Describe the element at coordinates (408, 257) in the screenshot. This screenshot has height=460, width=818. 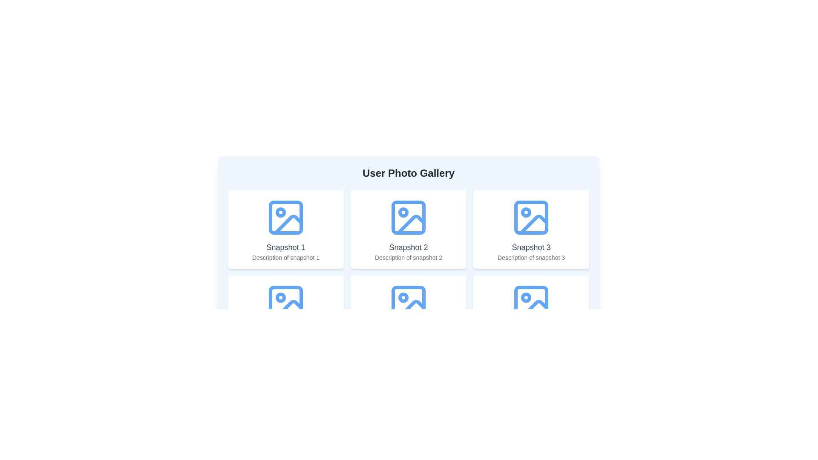
I see `the text label reading 'Description of snapshot 2', which is styled in a small gray font and positioned below the 'Snapshot 2' heading in the middle card of the first row of a card grid layout` at that location.